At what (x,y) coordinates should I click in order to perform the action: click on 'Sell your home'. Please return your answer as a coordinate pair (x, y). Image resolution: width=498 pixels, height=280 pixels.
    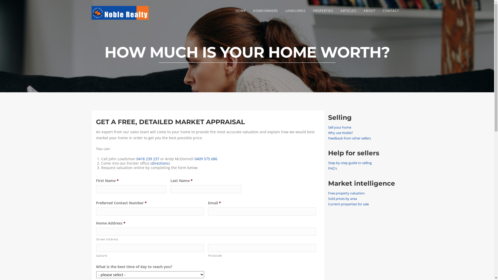
    Looking at the image, I should click on (339, 127).